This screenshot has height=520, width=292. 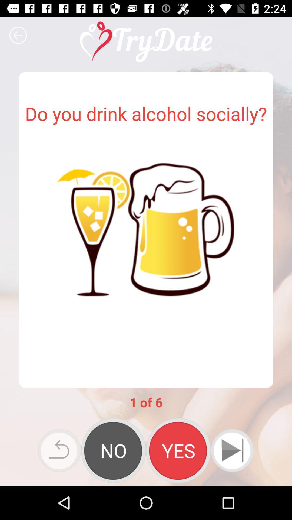 What do you see at coordinates (18, 35) in the screenshot?
I see `icon at the top left corner` at bounding box center [18, 35].